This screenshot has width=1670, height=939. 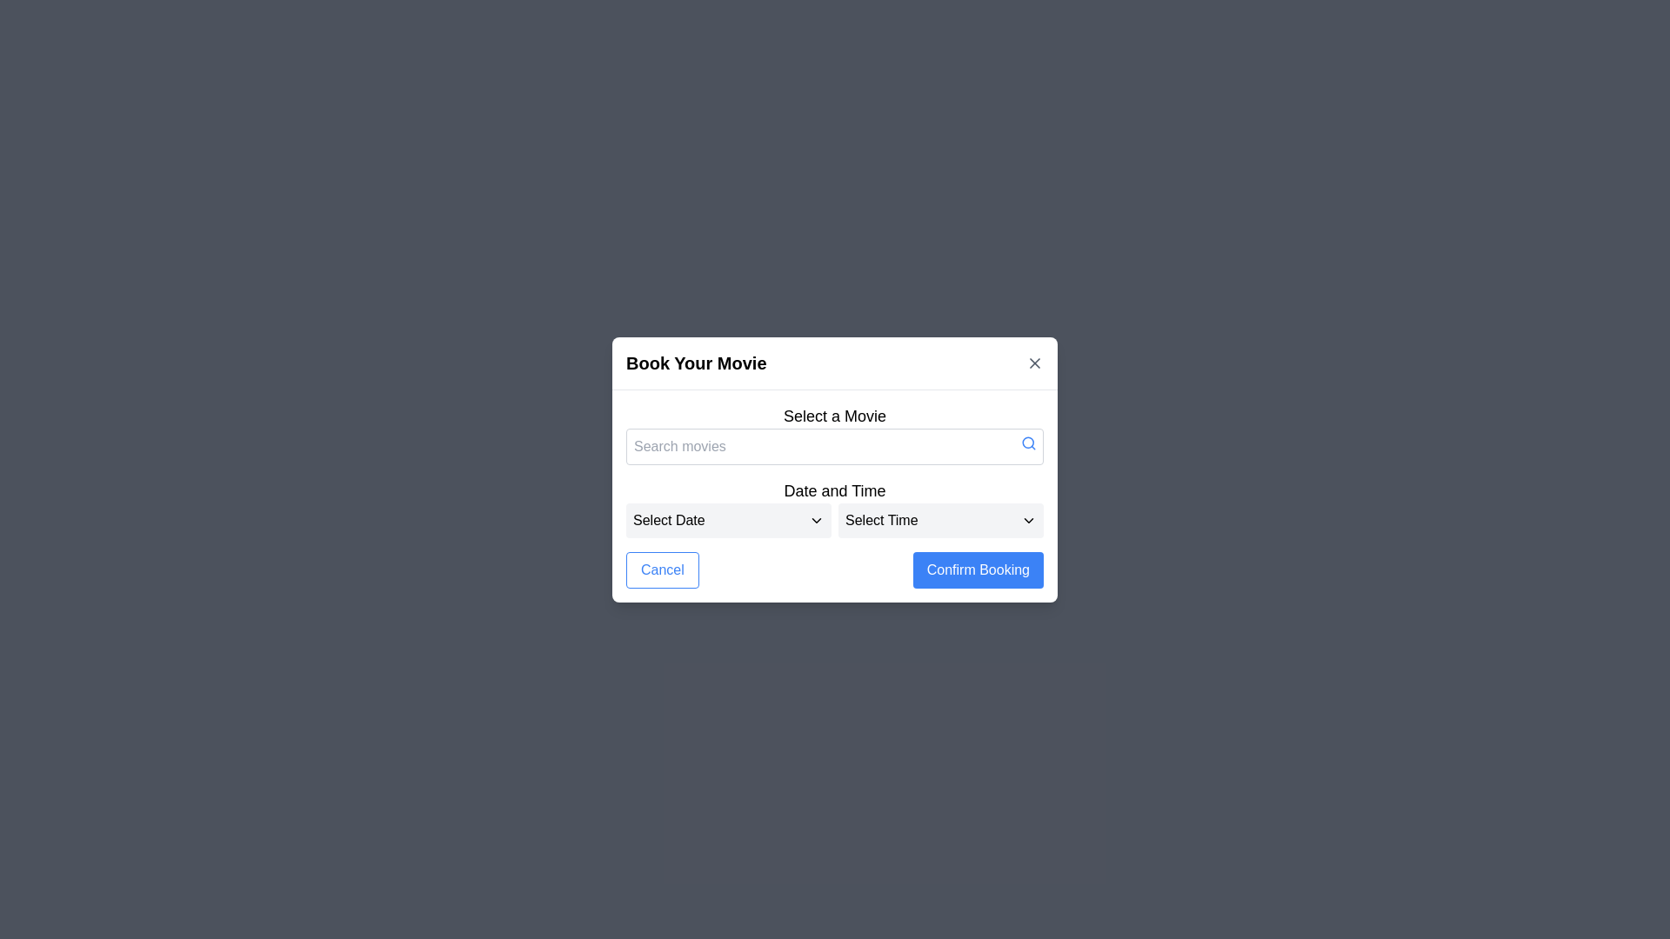 I want to click on the Dropdown group containing interactive elements labeled 'Select Date' and 'Select Time' to focus on it, so click(x=835, y=518).